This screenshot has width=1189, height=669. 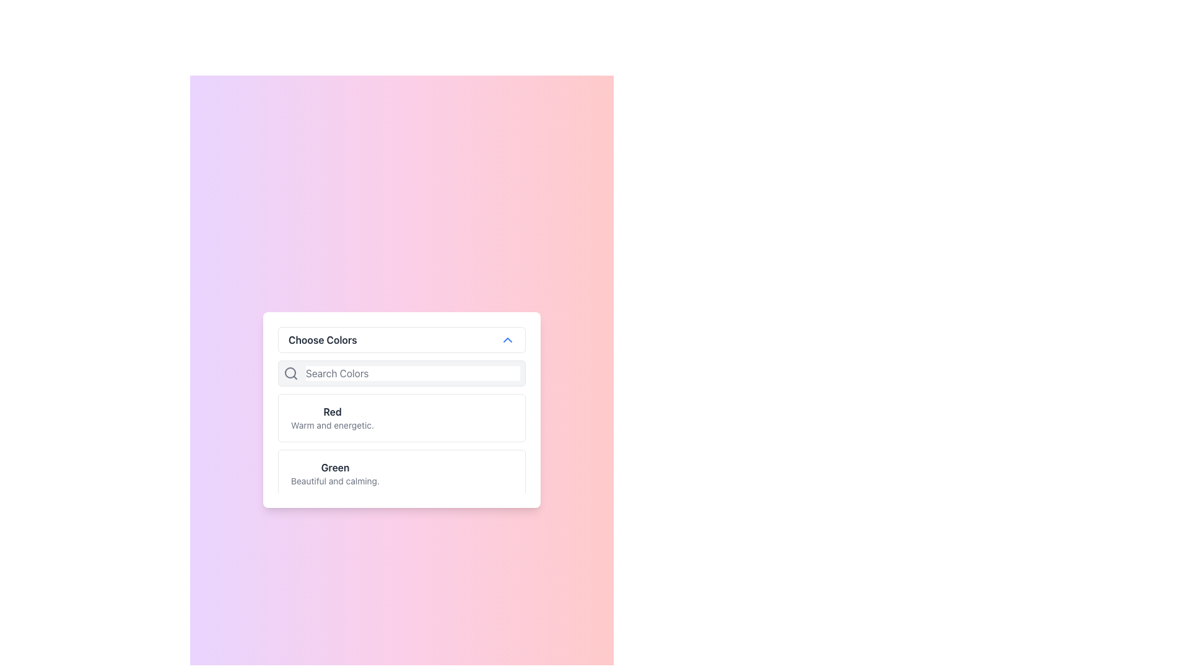 What do you see at coordinates (333, 424) in the screenshot?
I see `the text element that reads 'Warm and energetic.' which is styled in small grey font and located right below the bold 'Red' label in the dropdown menu` at bounding box center [333, 424].